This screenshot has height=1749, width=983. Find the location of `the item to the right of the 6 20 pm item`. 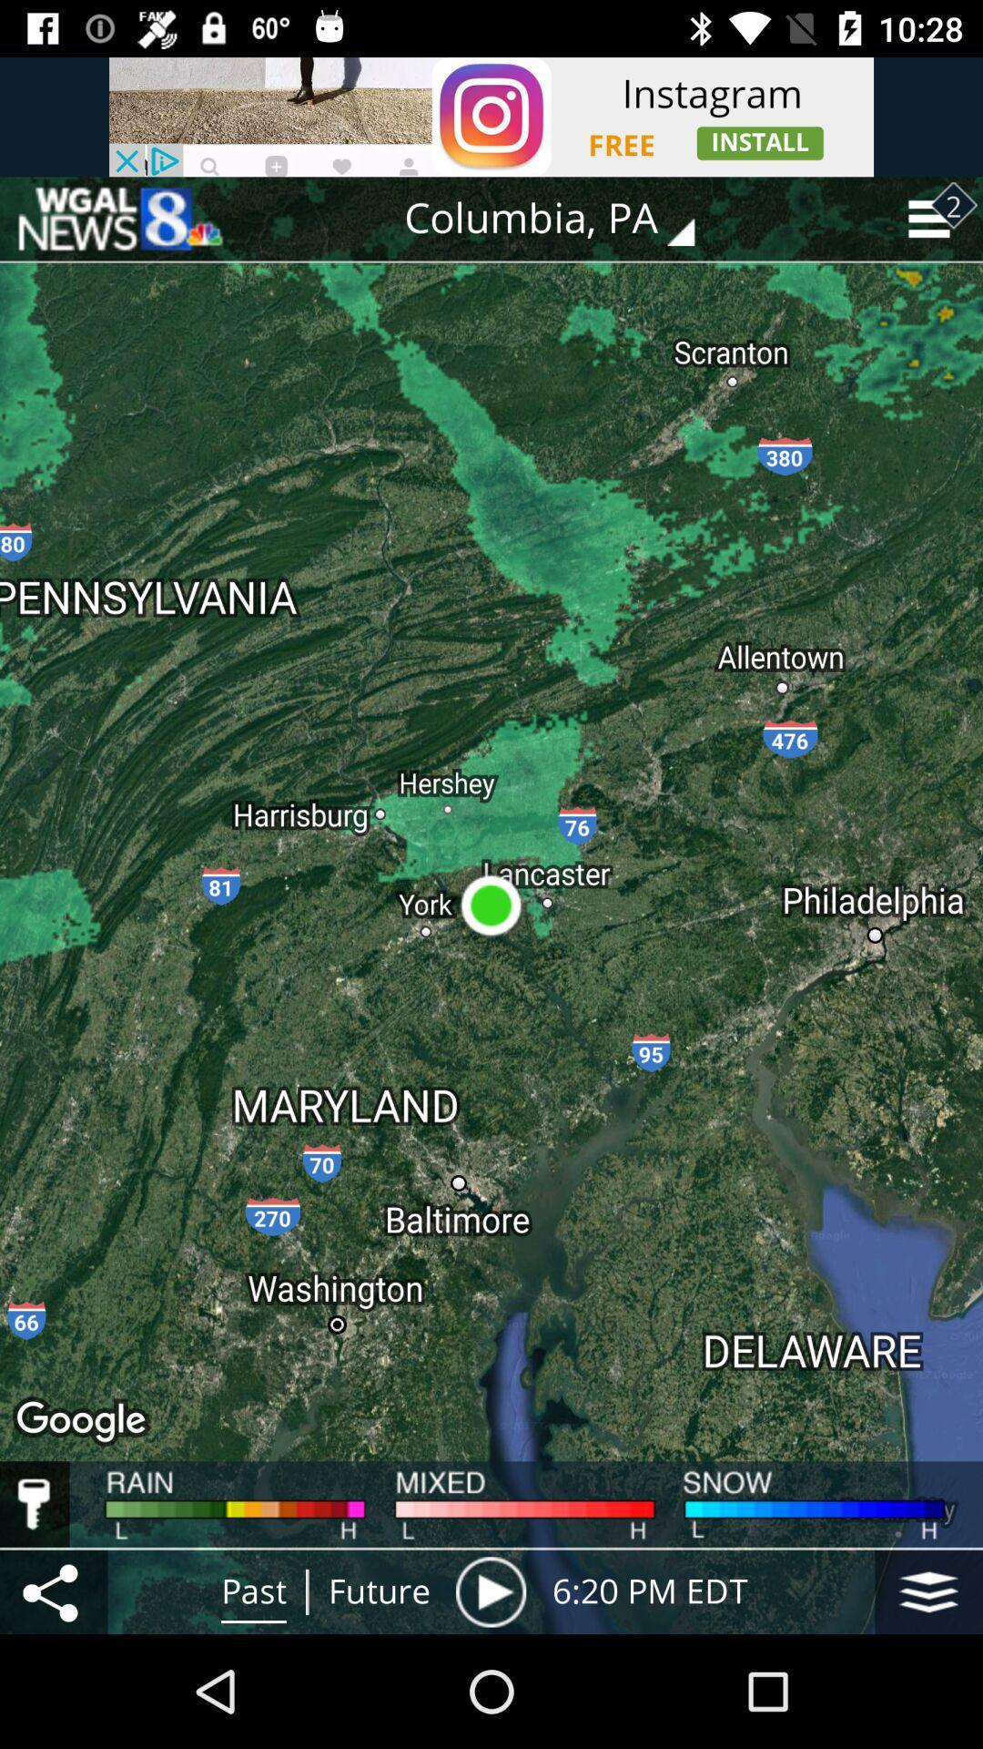

the item to the right of the 6 20 pm item is located at coordinates (928, 1590).